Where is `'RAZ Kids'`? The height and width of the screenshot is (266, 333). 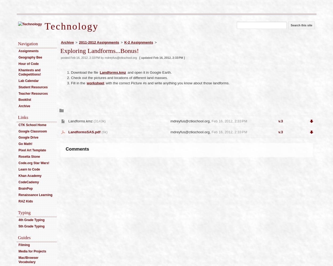 'RAZ Kids' is located at coordinates (25, 201).